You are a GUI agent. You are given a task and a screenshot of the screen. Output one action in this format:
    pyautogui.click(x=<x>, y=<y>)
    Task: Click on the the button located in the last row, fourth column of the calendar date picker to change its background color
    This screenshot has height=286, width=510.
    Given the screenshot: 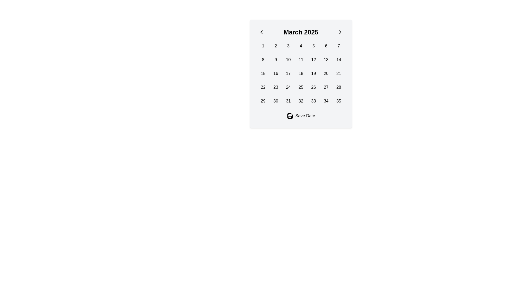 What is the action you would take?
    pyautogui.click(x=301, y=101)
    